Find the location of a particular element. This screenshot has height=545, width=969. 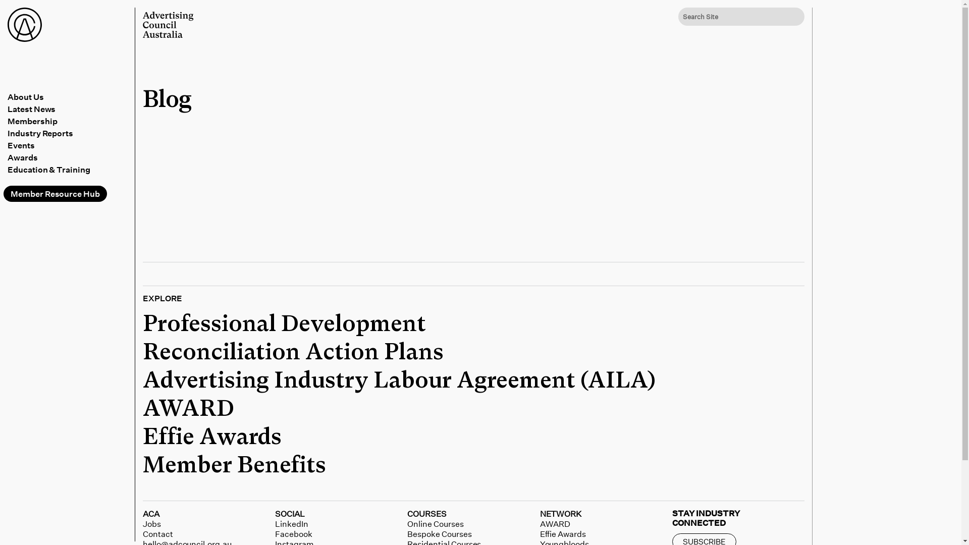

'Facebook' is located at coordinates (293, 533).